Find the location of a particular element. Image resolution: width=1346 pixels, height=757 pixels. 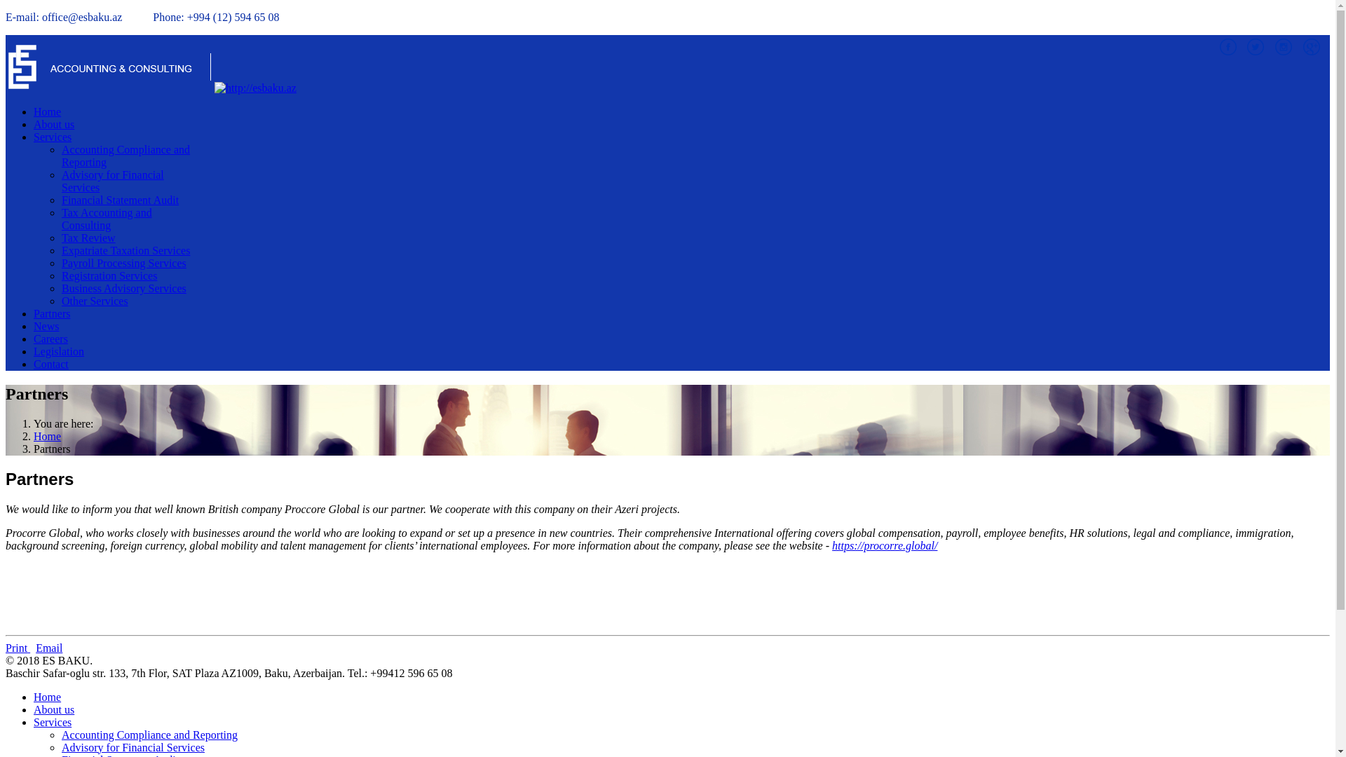

'Financial Statement Audit' is located at coordinates (120, 200).